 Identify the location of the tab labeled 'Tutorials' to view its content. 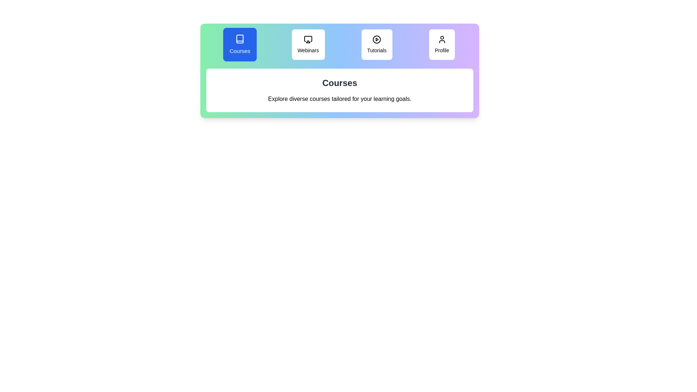
(377, 45).